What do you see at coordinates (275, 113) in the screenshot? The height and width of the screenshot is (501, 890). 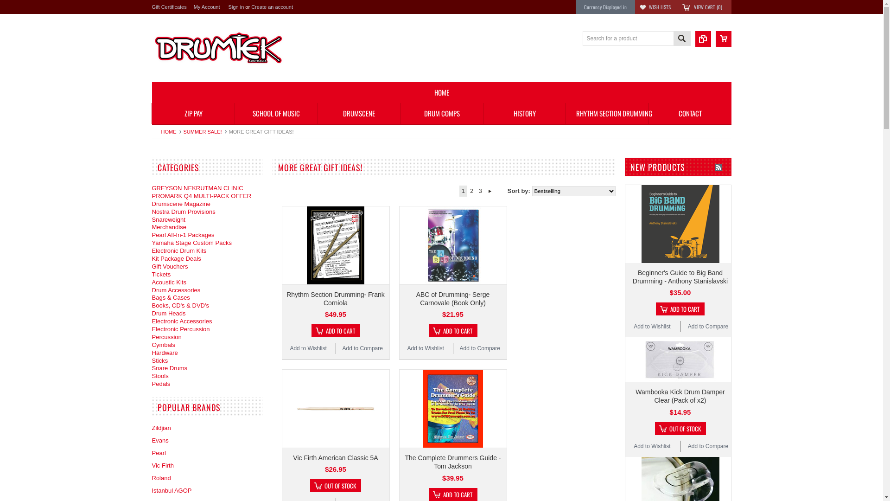 I see `'SCHOOL OF MUSIC'` at bounding box center [275, 113].